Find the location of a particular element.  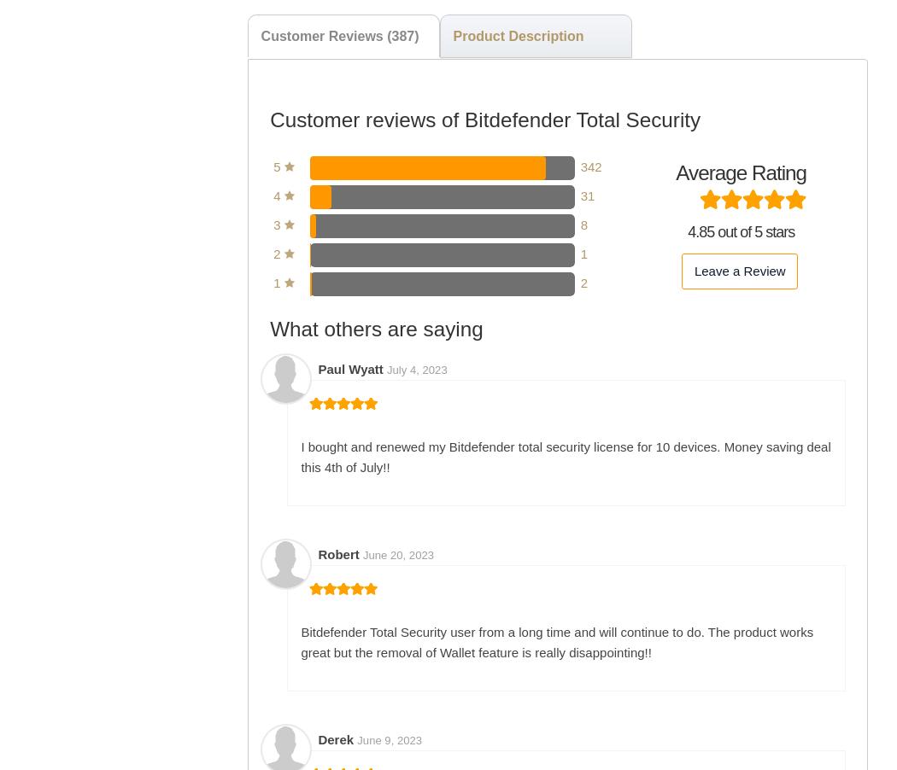

'What others are saying' is located at coordinates (375, 328).